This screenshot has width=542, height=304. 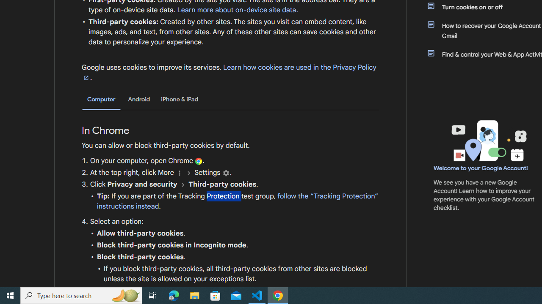 What do you see at coordinates (229, 72) in the screenshot?
I see `'Learn how cookies are used in the Privacy Policy'` at bounding box center [229, 72].